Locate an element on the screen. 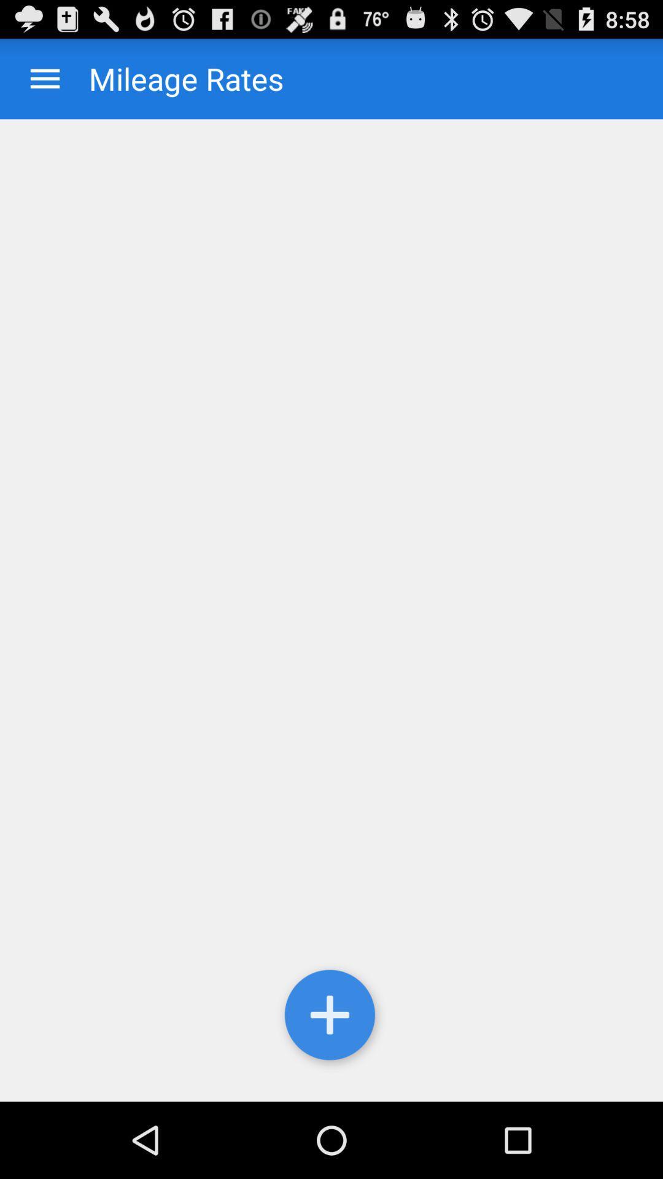  menu button bar is located at coordinates (44, 78).